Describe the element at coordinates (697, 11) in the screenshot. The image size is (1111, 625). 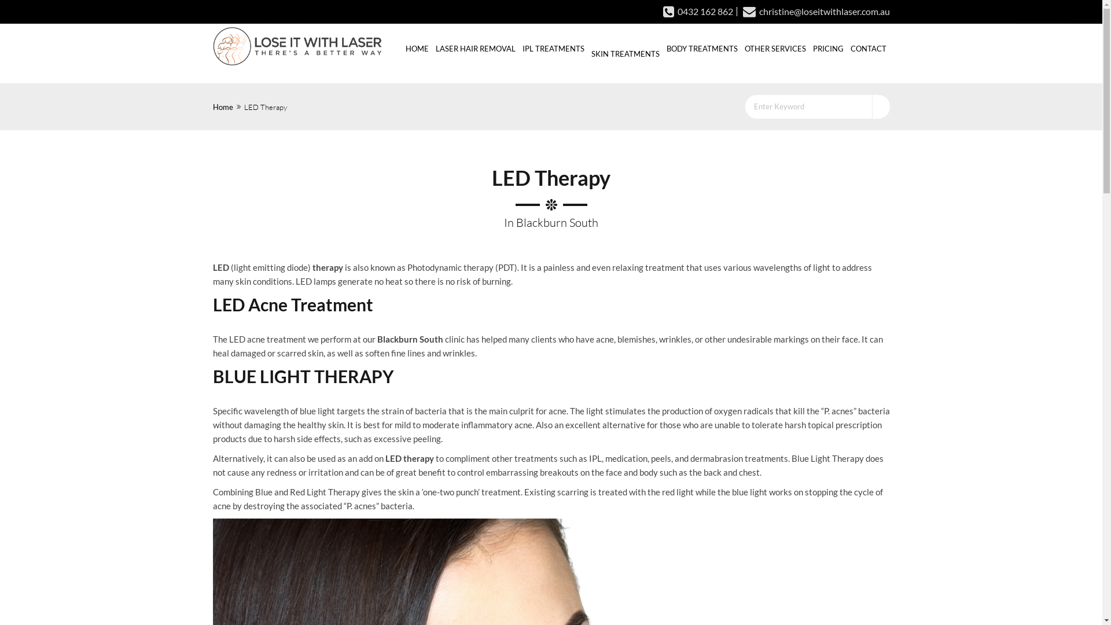
I see `'0432 162 862'` at that location.